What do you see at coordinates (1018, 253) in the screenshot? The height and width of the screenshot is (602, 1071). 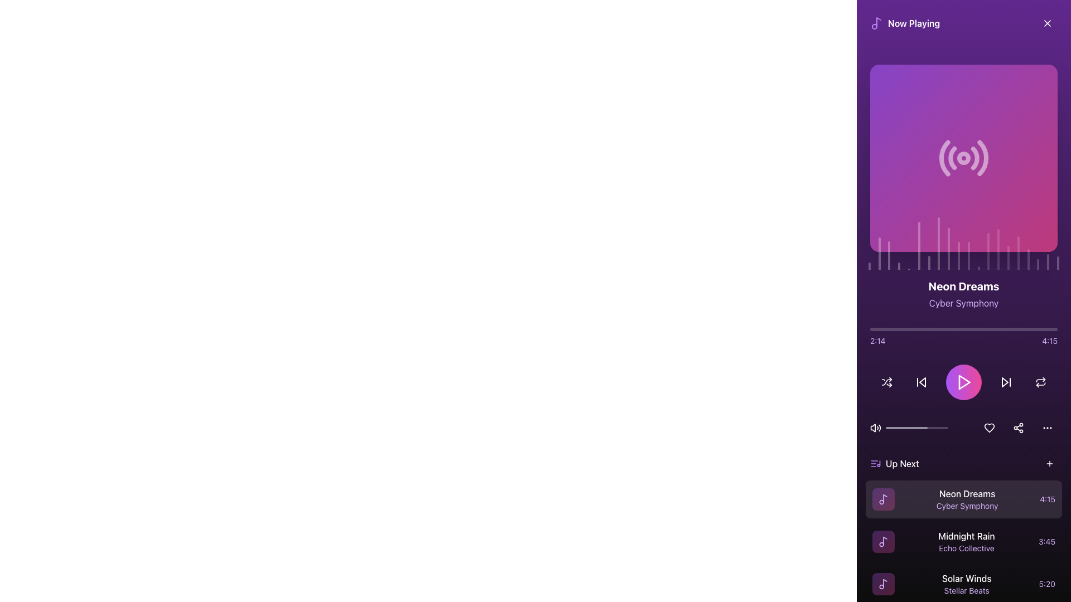 I see `the 16th bar of the waveform progress indicator located on the right side of the waveform visualization in the media player interface` at bounding box center [1018, 253].